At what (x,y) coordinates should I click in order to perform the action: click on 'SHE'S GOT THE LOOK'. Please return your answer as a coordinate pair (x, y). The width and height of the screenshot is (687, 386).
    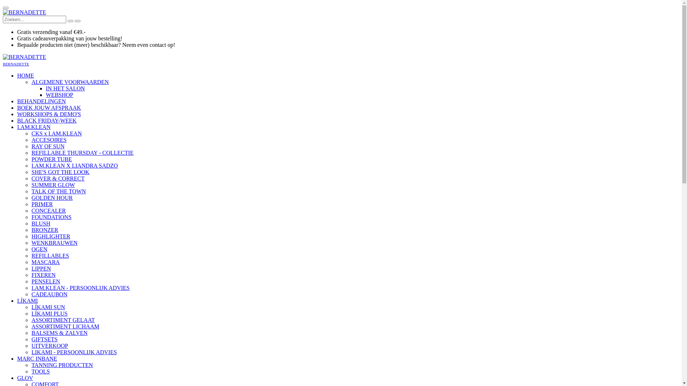
    Looking at the image, I should click on (60, 172).